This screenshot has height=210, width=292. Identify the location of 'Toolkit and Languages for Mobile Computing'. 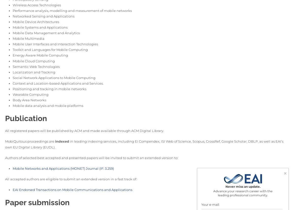
(12, 49).